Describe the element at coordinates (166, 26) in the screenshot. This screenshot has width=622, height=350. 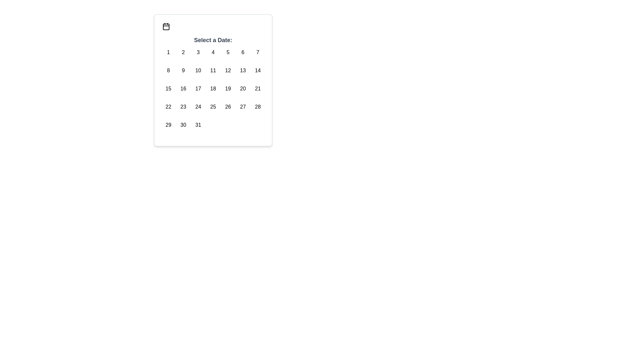
I see `the calendar icon located at the top-left corner of the calendar panel, which serves as a visual identifier for date selection` at that location.